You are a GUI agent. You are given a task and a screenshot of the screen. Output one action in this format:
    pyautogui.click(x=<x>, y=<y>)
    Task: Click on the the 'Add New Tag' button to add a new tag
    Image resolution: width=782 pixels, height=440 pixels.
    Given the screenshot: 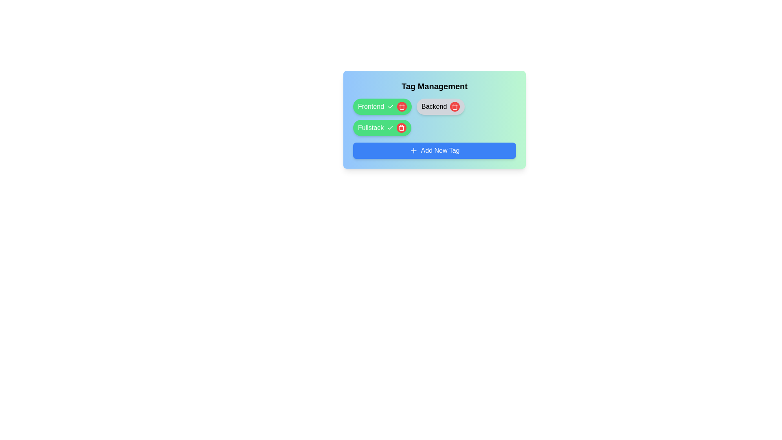 What is the action you would take?
    pyautogui.click(x=434, y=151)
    